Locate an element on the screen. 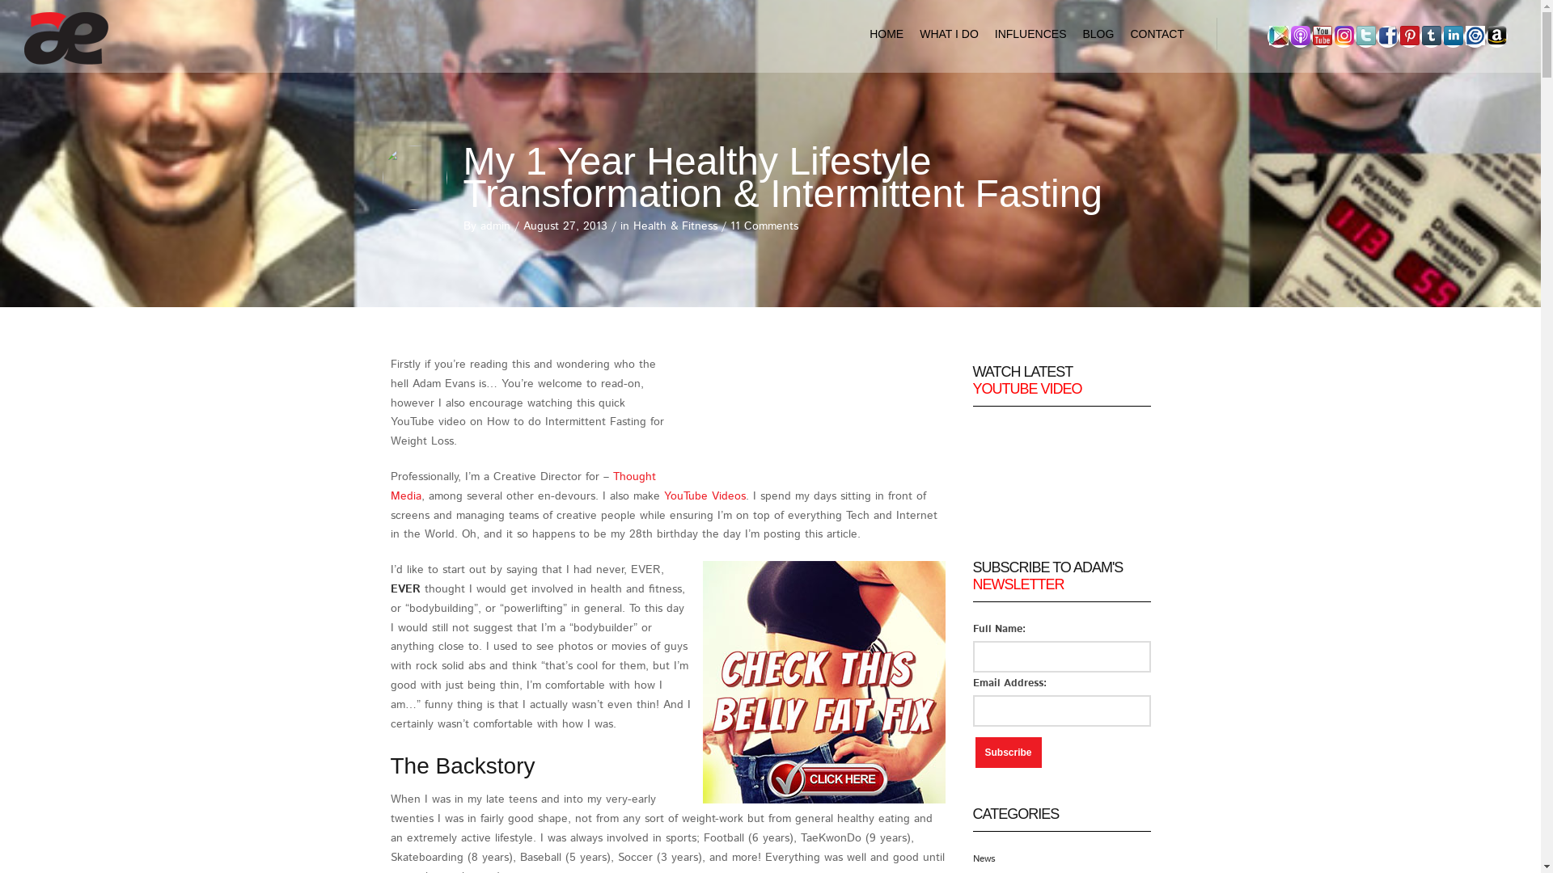 The width and height of the screenshot is (1553, 873). 'BLOG' is located at coordinates (1098, 34).